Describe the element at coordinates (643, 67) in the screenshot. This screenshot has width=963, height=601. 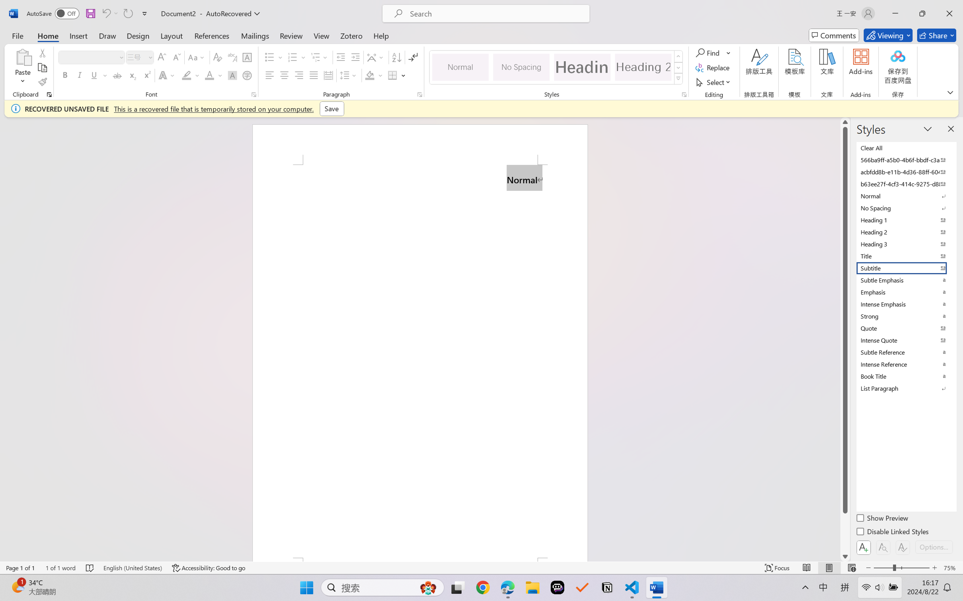
I see `'Heading 2'` at that location.